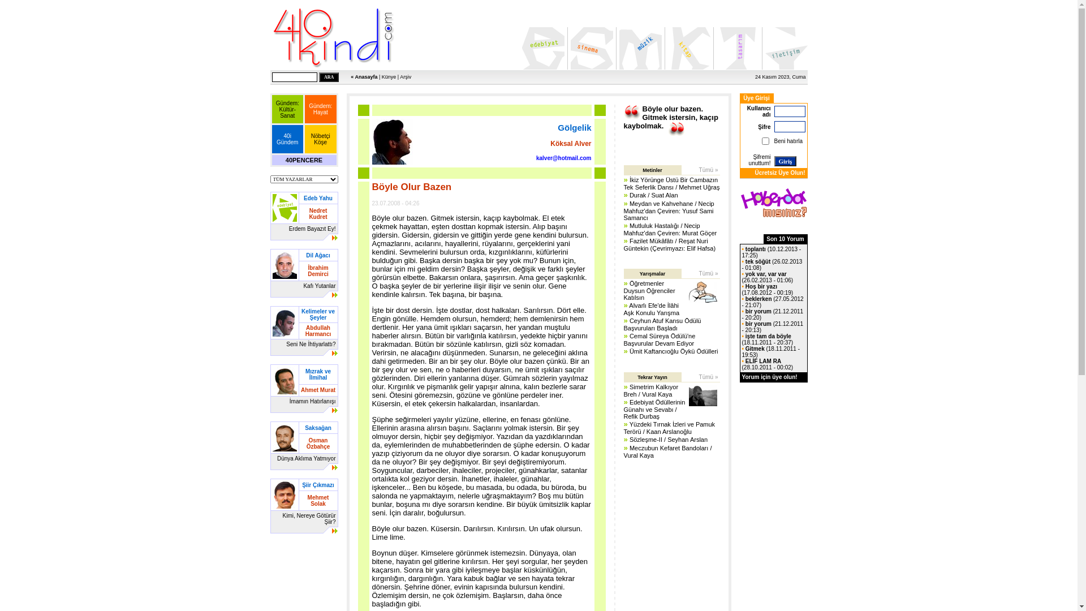 The width and height of the screenshot is (1086, 611). What do you see at coordinates (317, 499) in the screenshot?
I see `'Mehmet Solak'` at bounding box center [317, 499].